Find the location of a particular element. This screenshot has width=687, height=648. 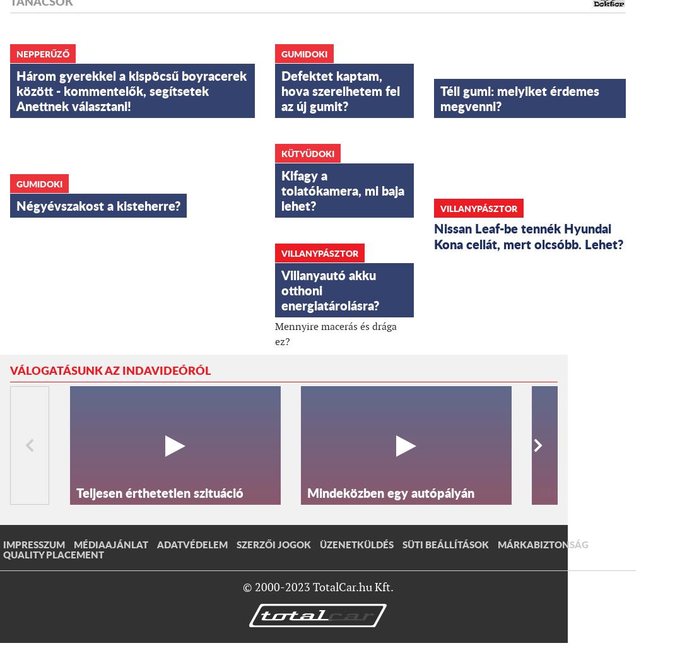

'© 2000-2023 TotalCar.hu Kft.' is located at coordinates (317, 586).